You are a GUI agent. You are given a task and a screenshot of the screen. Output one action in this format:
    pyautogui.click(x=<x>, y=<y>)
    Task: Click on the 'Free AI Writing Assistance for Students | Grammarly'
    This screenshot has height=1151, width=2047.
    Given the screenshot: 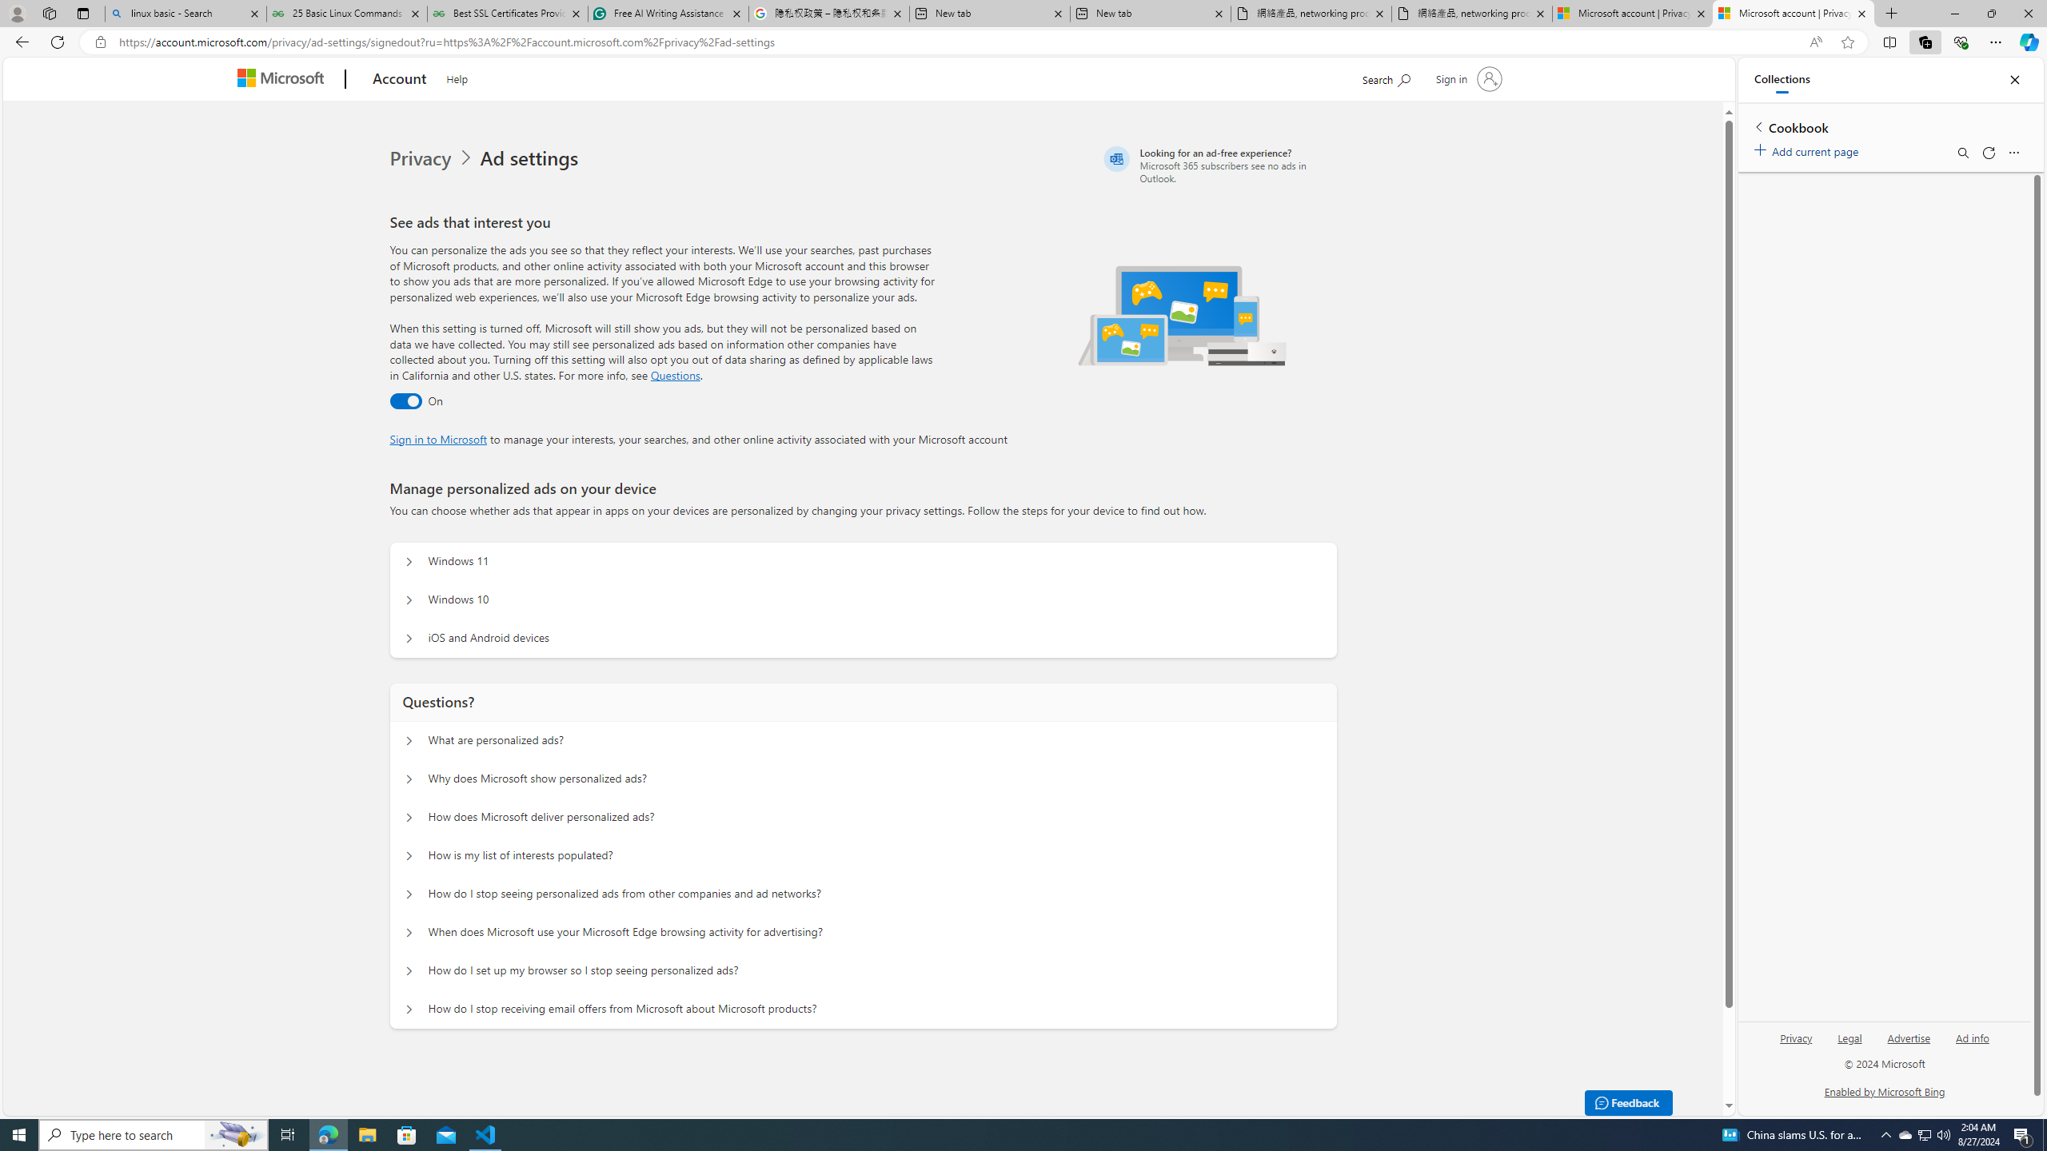 What is the action you would take?
    pyautogui.click(x=668, y=13)
    